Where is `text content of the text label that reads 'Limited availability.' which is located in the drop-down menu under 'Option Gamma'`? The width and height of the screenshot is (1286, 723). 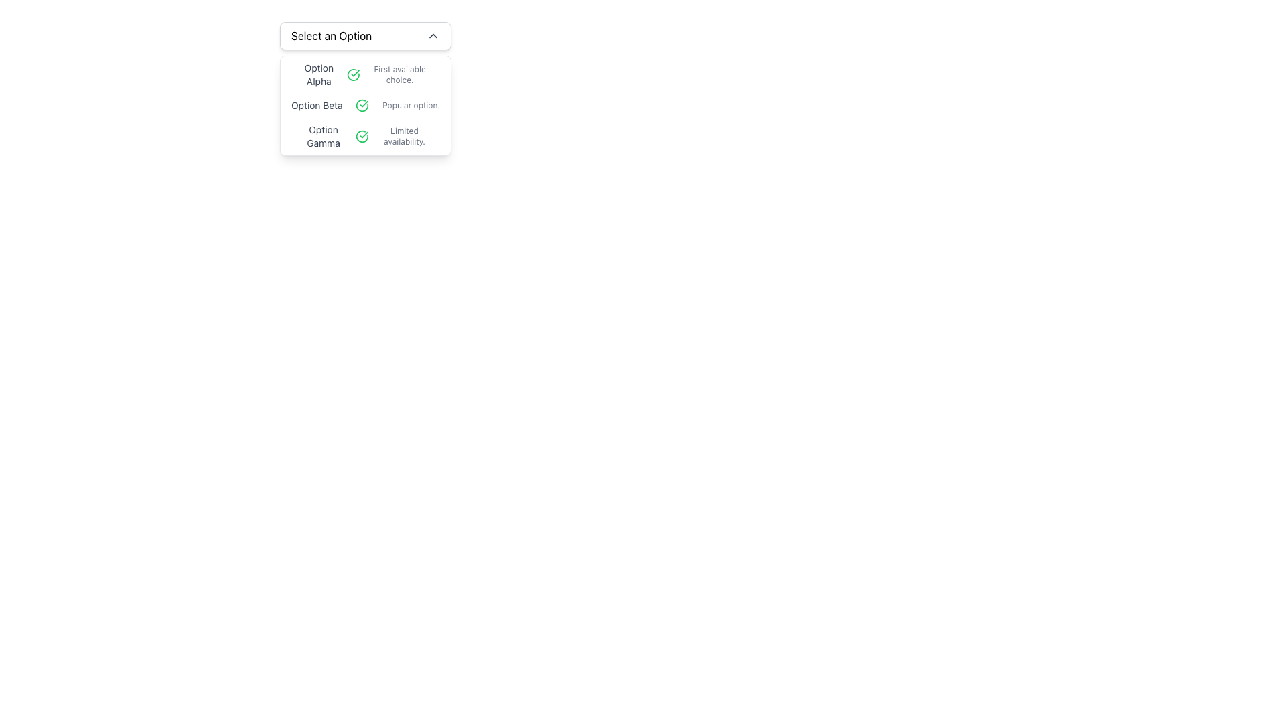 text content of the text label that reads 'Limited availability.' which is located in the drop-down menu under 'Option Gamma' is located at coordinates (404, 137).